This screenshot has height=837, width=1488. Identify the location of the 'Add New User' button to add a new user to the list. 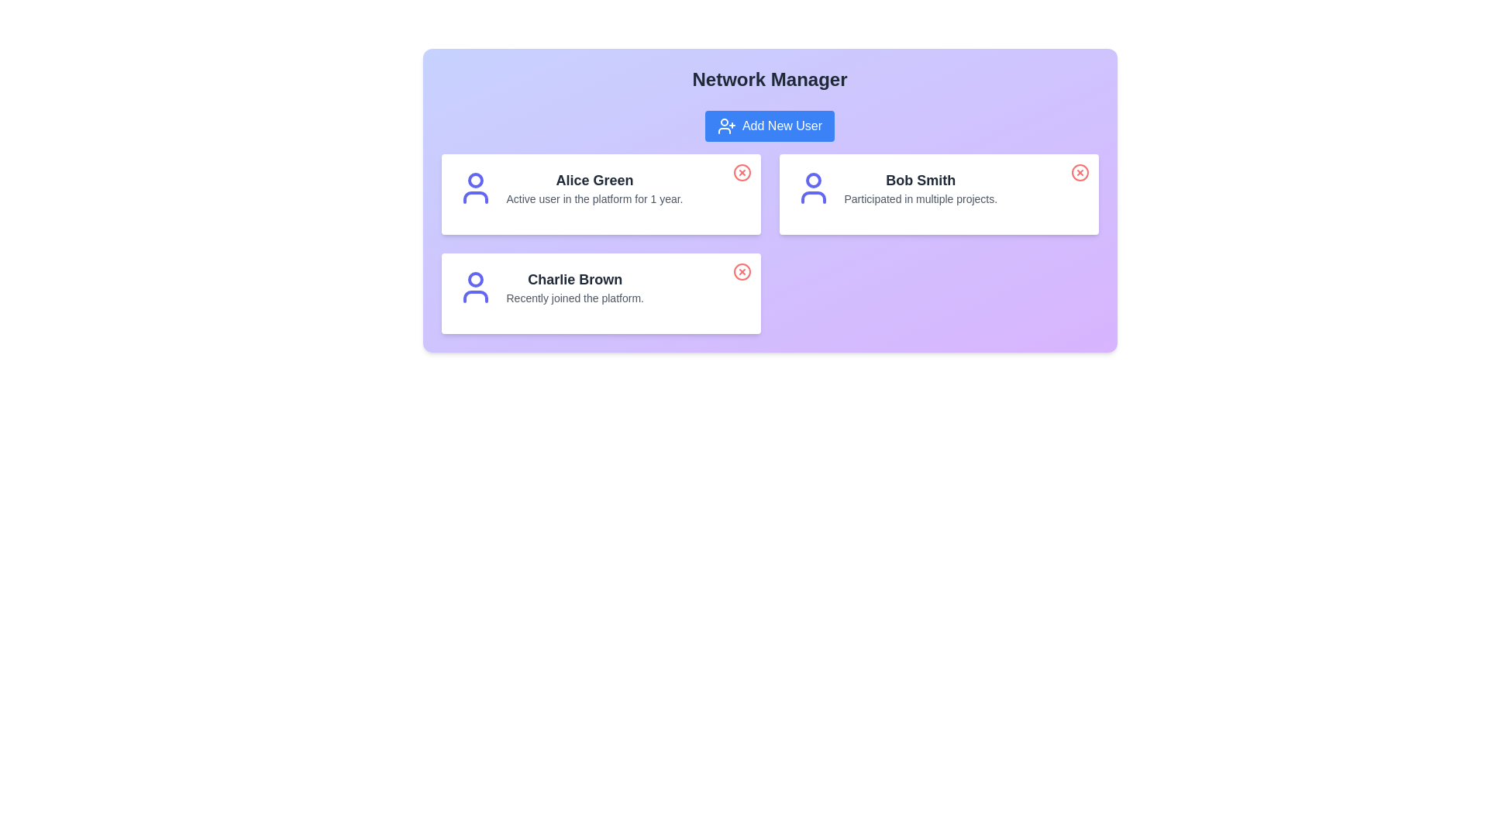
(770, 125).